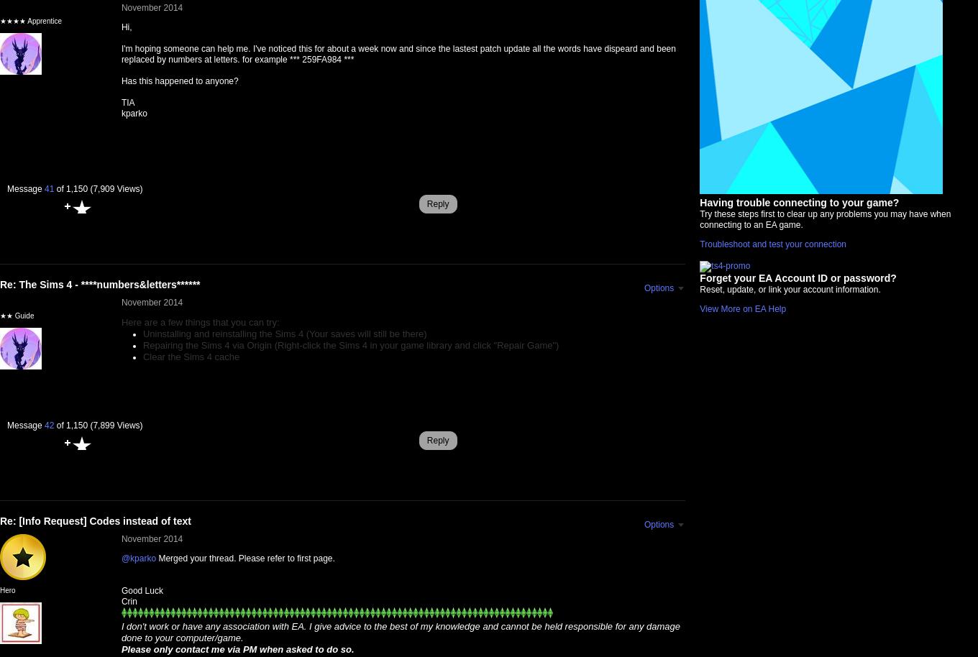 This screenshot has height=657, width=978. What do you see at coordinates (141, 589) in the screenshot?
I see `'Good Luck'` at bounding box center [141, 589].